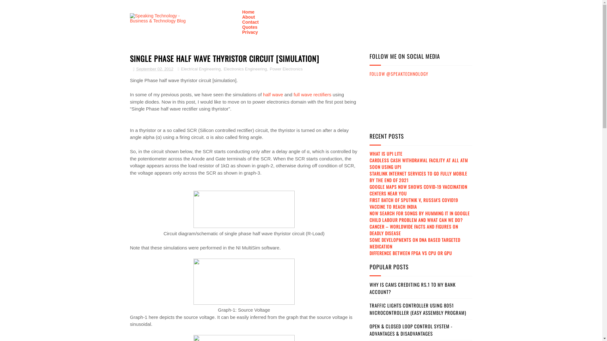  I want to click on 'CHILD LABOUR PROBLEM AND WHAT CAN WE DO?', so click(416, 219).